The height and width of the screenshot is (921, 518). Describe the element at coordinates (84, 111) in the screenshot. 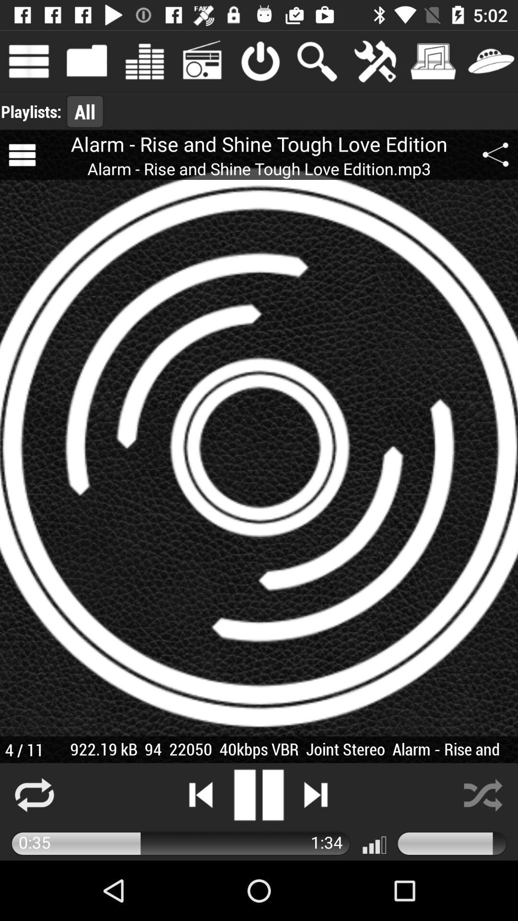

I see `app next to the playlists: item` at that location.